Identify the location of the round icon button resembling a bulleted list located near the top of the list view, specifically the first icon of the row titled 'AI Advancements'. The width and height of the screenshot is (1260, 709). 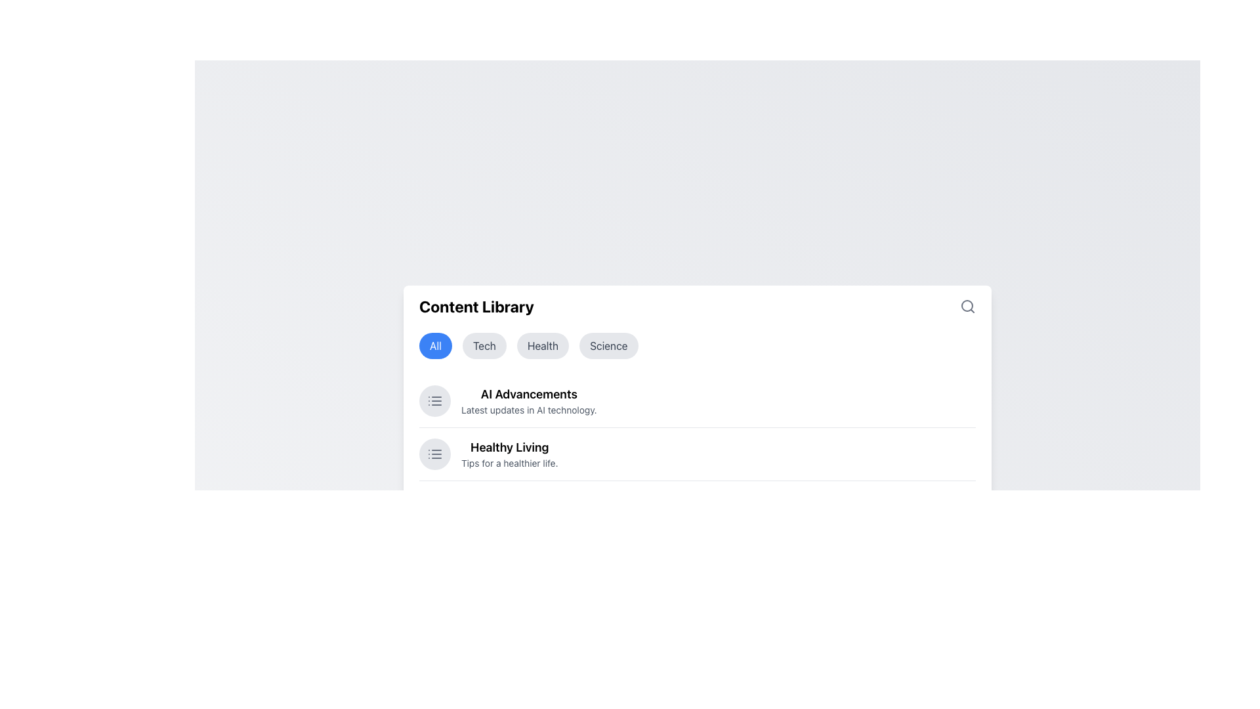
(434, 400).